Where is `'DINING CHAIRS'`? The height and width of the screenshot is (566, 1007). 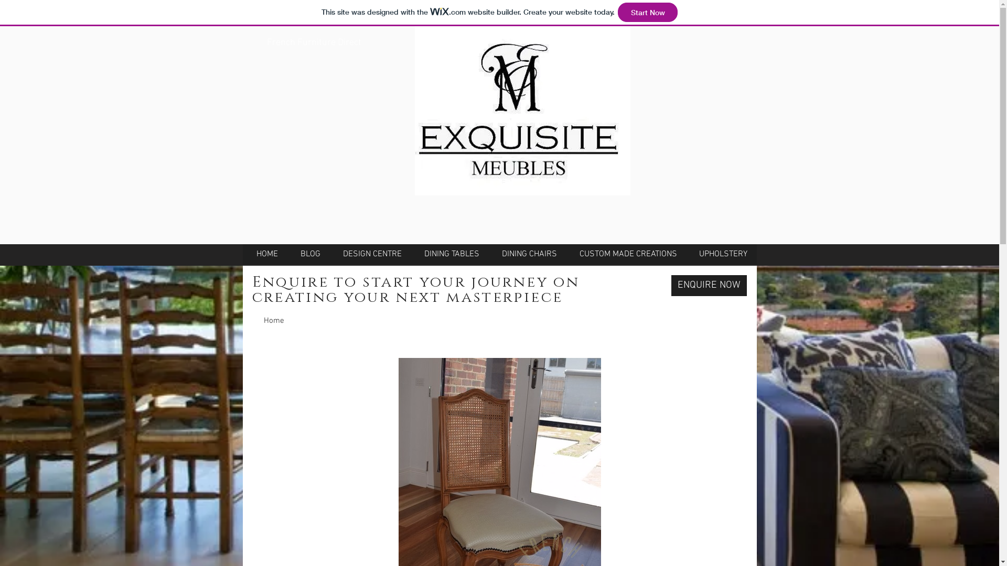
'DINING CHAIRS' is located at coordinates (529, 254).